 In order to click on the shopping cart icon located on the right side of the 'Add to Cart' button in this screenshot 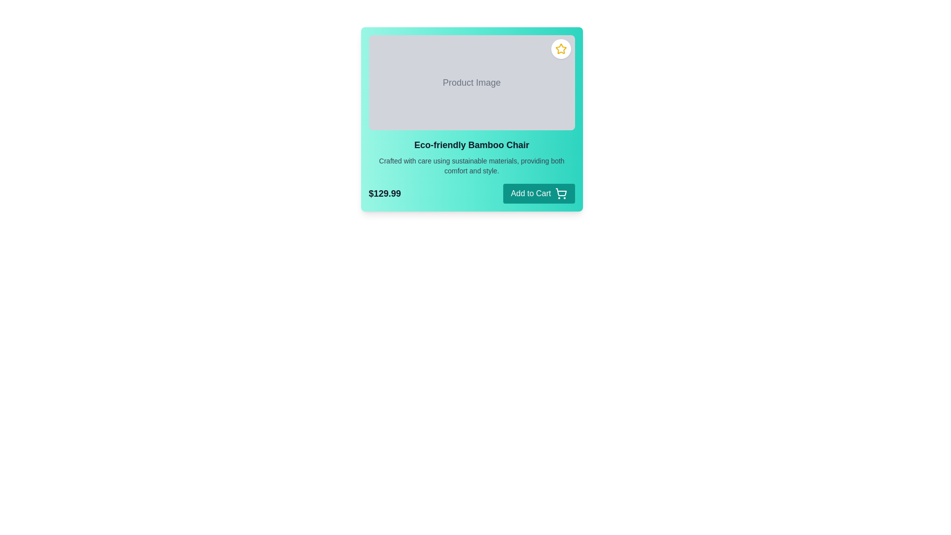, I will do `click(561, 192)`.